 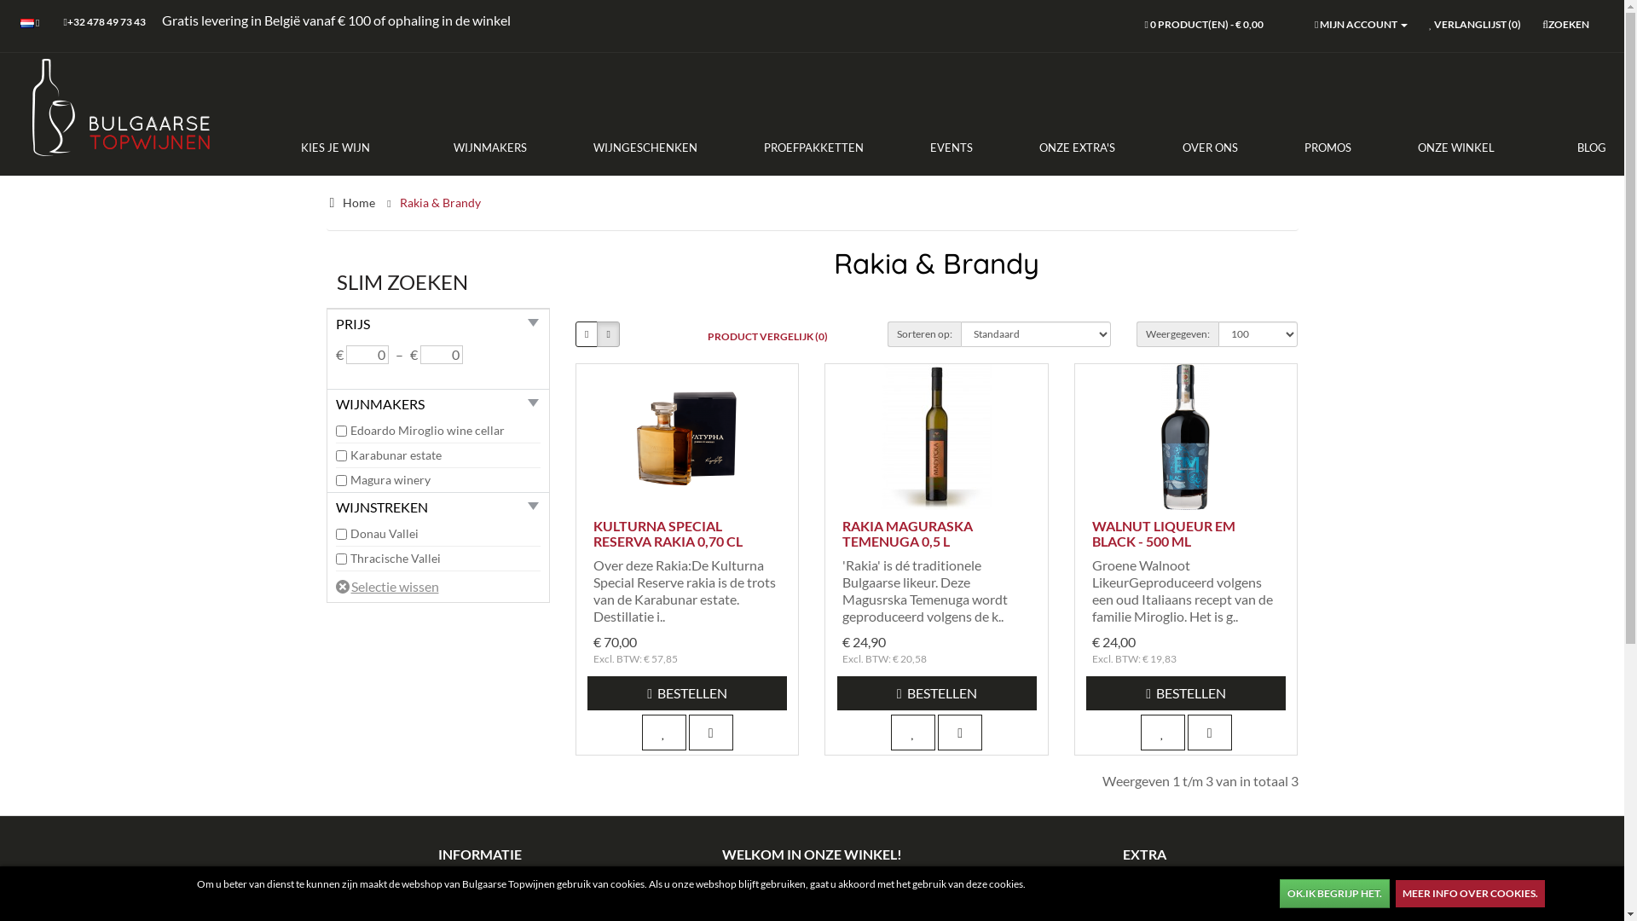 I want to click on '+32 478 49 73 43', so click(x=102, y=23).